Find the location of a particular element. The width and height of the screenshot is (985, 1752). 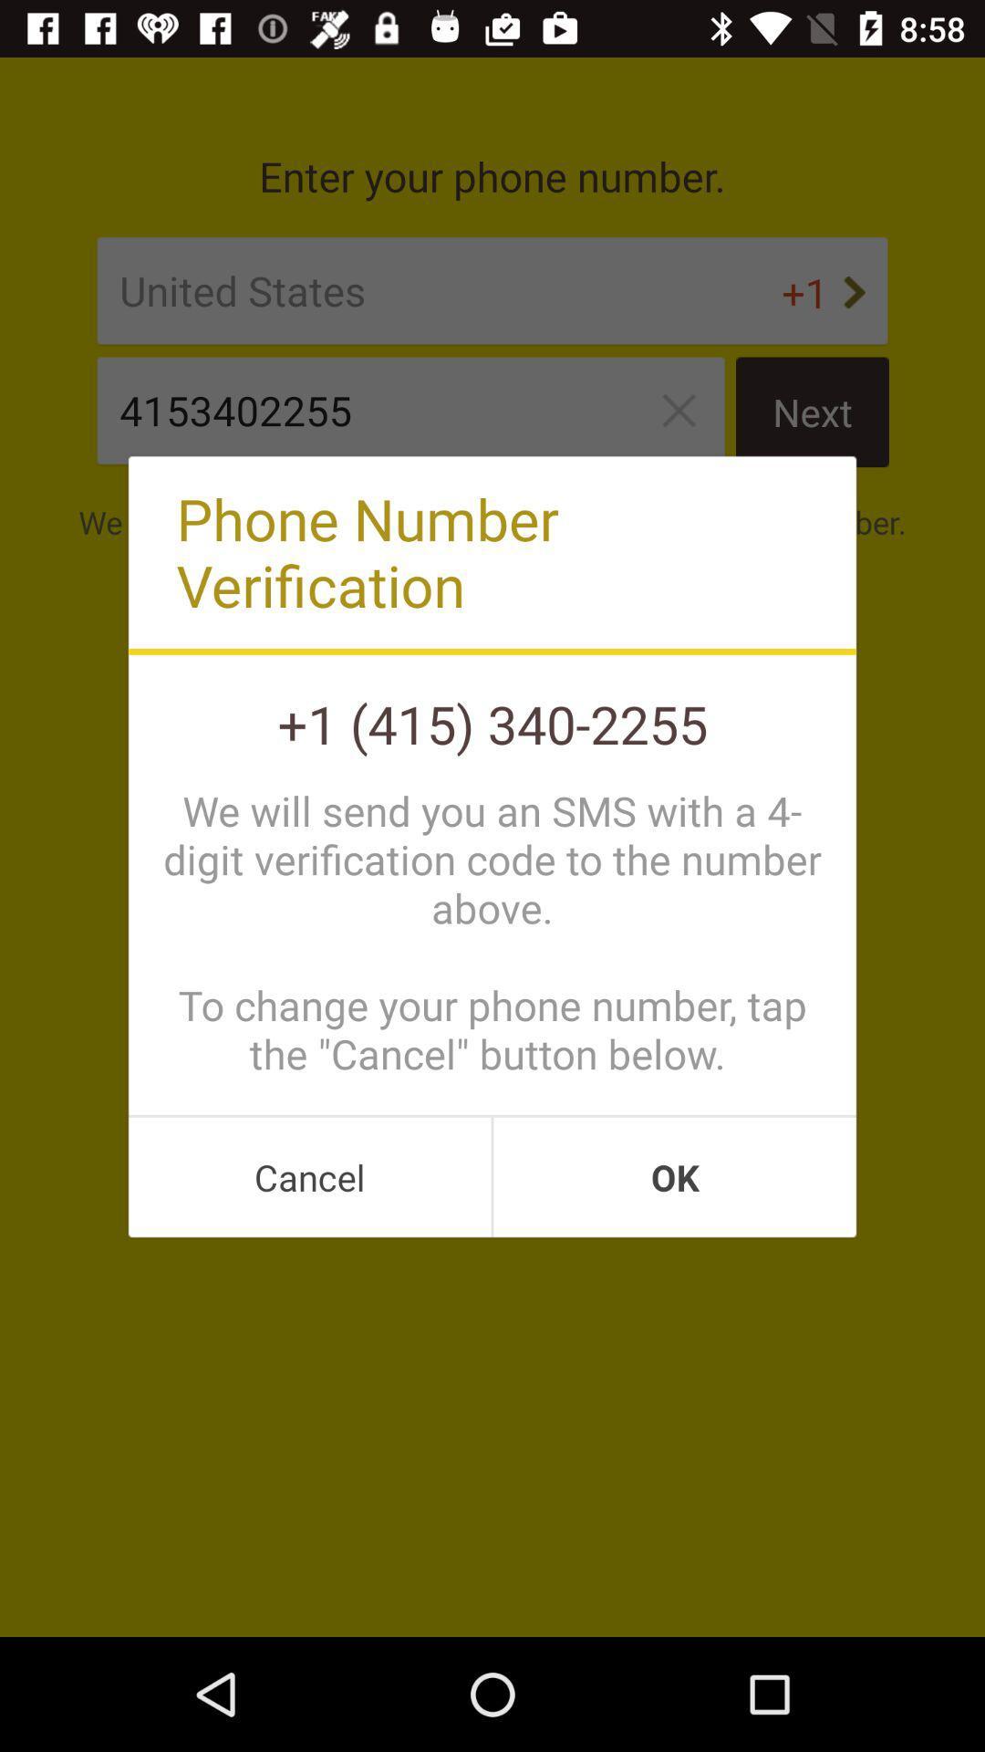

the ok is located at coordinates (675, 1177).